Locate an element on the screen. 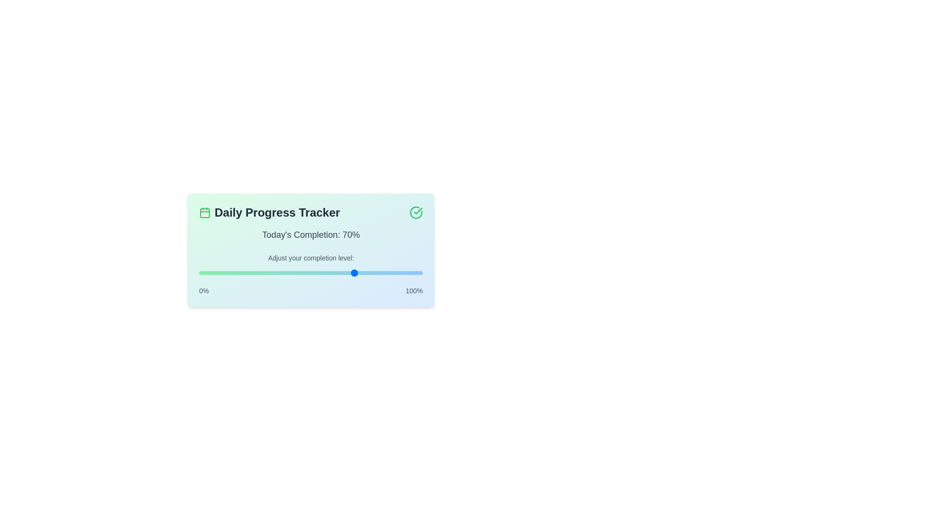  the progress level to 41% is located at coordinates (290, 273).